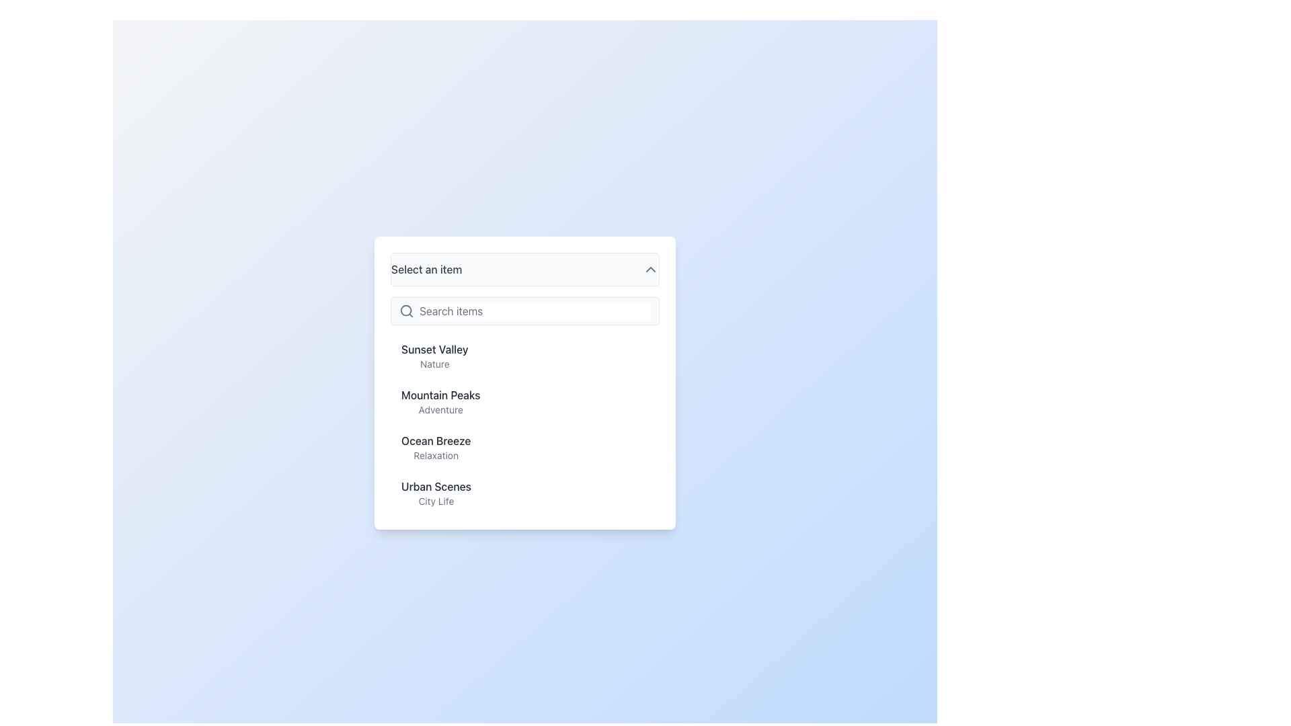 The height and width of the screenshot is (726, 1291). Describe the element at coordinates (436, 440) in the screenshot. I see `the text element 'Ocean Breeze', which is a medium-sized gray heading in a dropdown menu, positioned above the subtitle 'Relaxation'` at that location.